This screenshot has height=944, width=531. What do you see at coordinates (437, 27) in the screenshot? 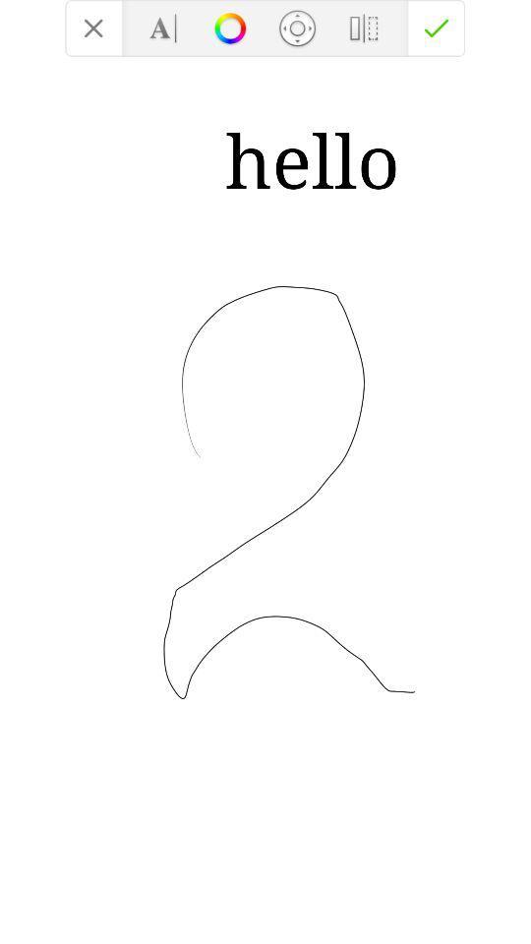
I see `save` at bounding box center [437, 27].